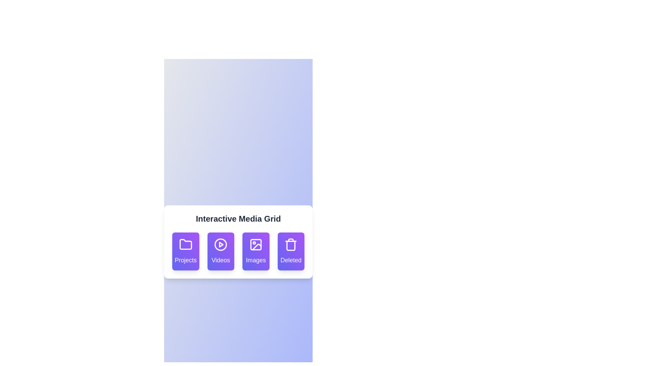  I want to click on the trash icon within the 'Deleted' button, which has a purple background and is located at the bottom-right of a four-button layout, so click(291, 246).